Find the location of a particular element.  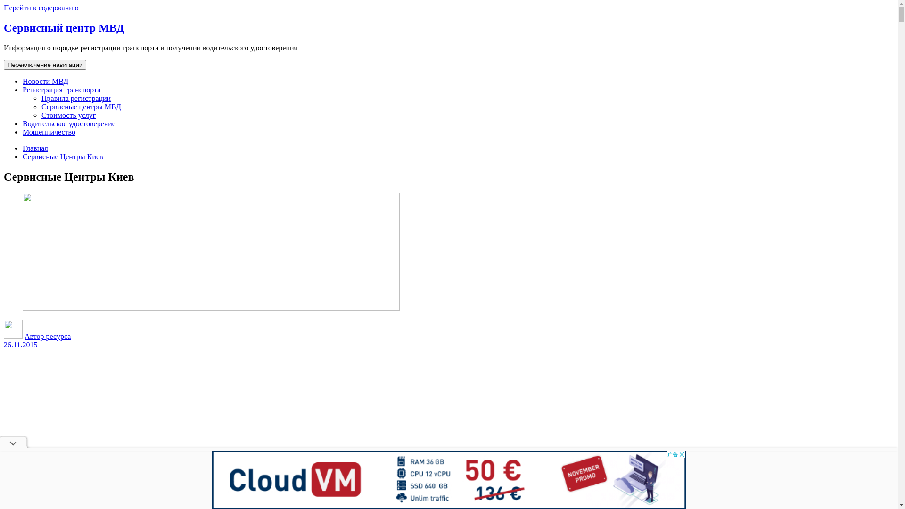

'26.11.2015' is located at coordinates (20, 345).